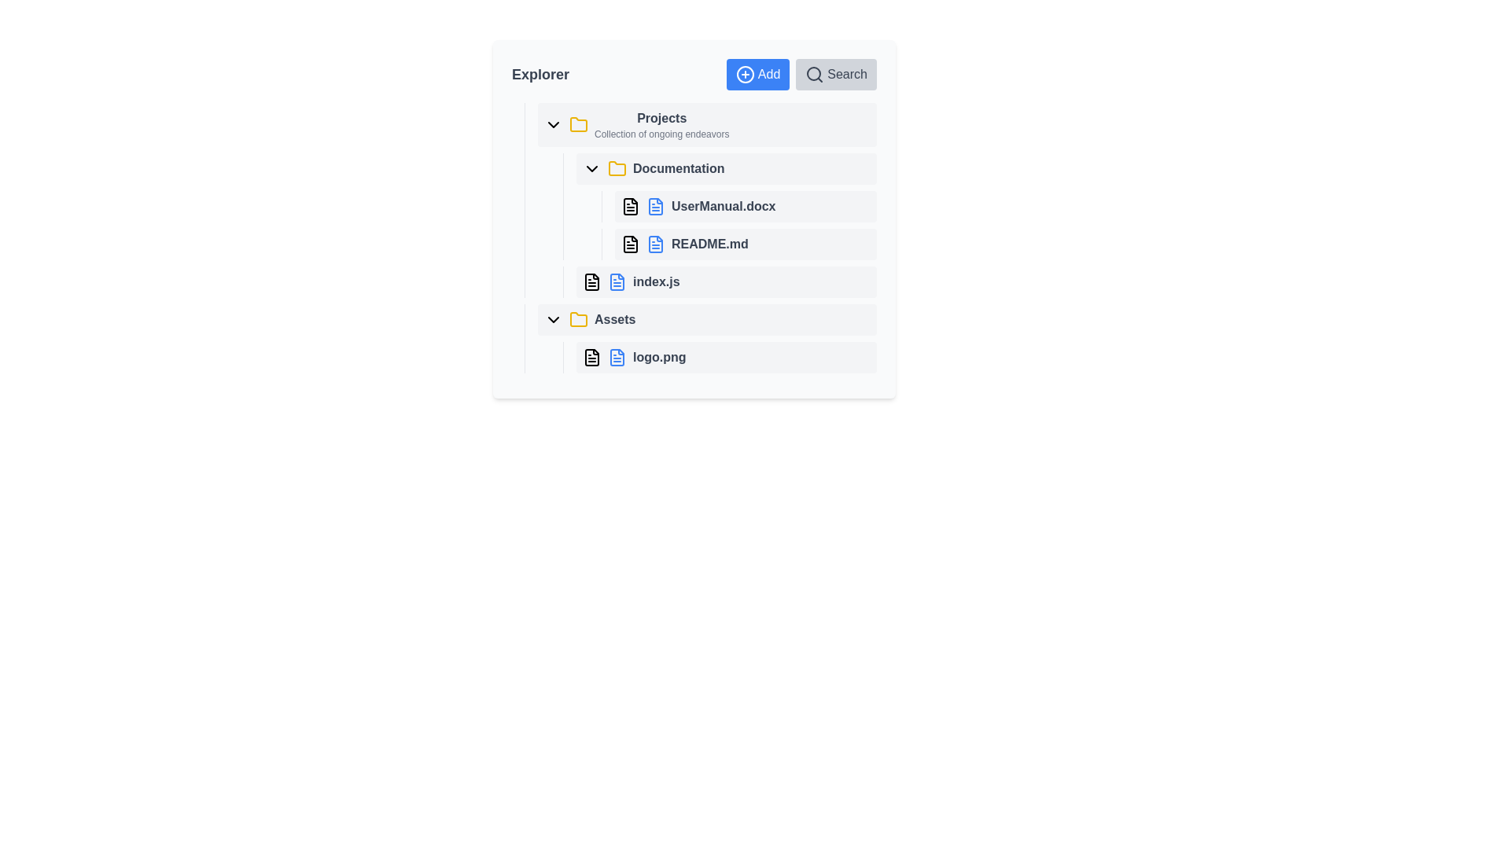 This screenshot has height=849, width=1510. What do you see at coordinates (656, 281) in the screenshot?
I see `the JavaScript file named 'index.js' in the 'Documentation' folder` at bounding box center [656, 281].